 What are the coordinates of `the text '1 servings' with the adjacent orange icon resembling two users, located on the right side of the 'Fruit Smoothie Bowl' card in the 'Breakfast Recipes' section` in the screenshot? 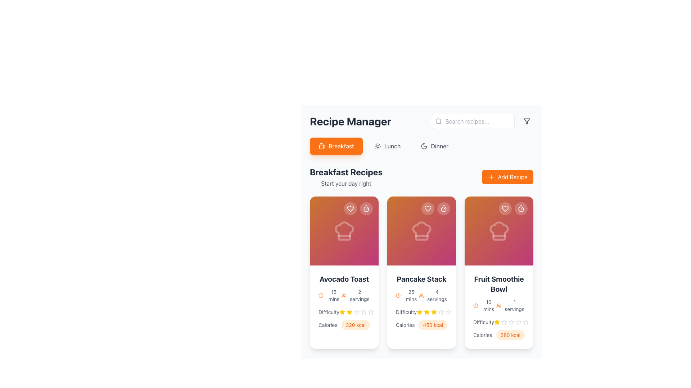 It's located at (510, 306).